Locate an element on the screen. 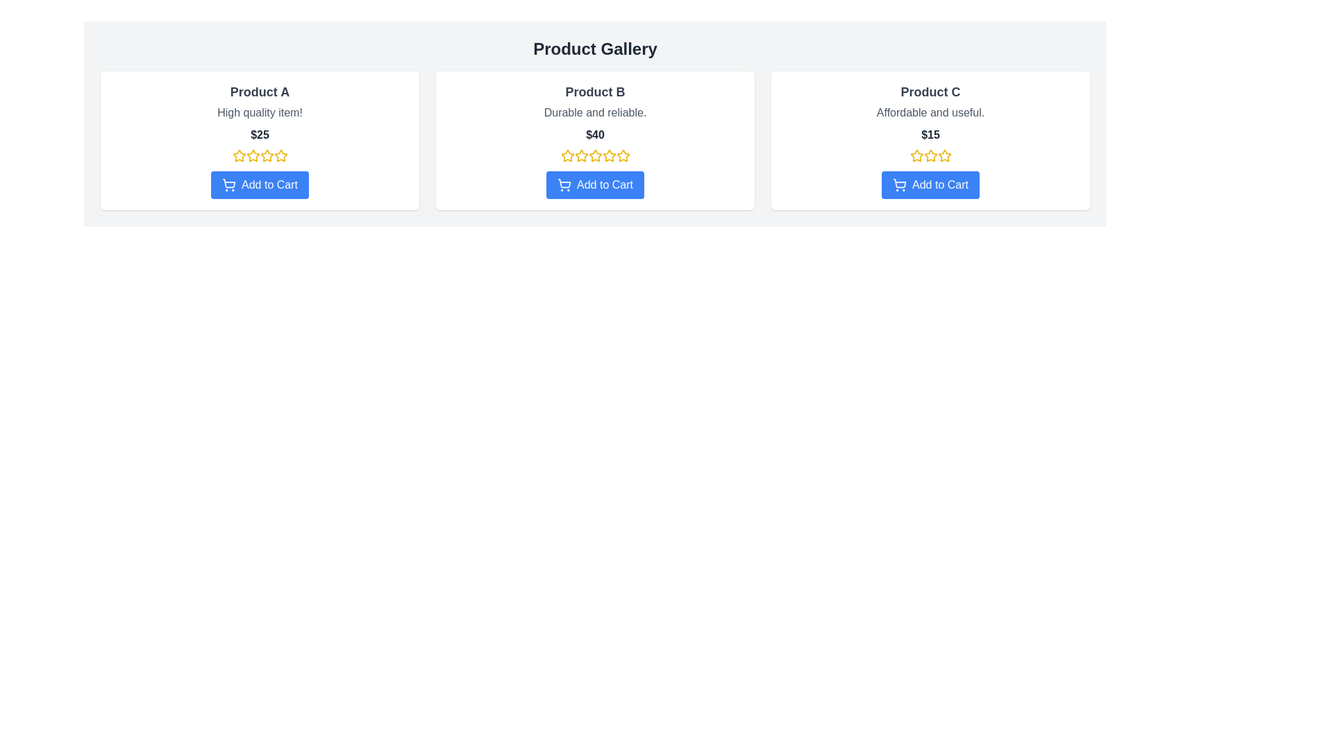 Image resolution: width=1333 pixels, height=749 pixels. the fifth star icon in the middle product card of the second row, which indicates the fifth rating level for a product is located at coordinates (622, 155).